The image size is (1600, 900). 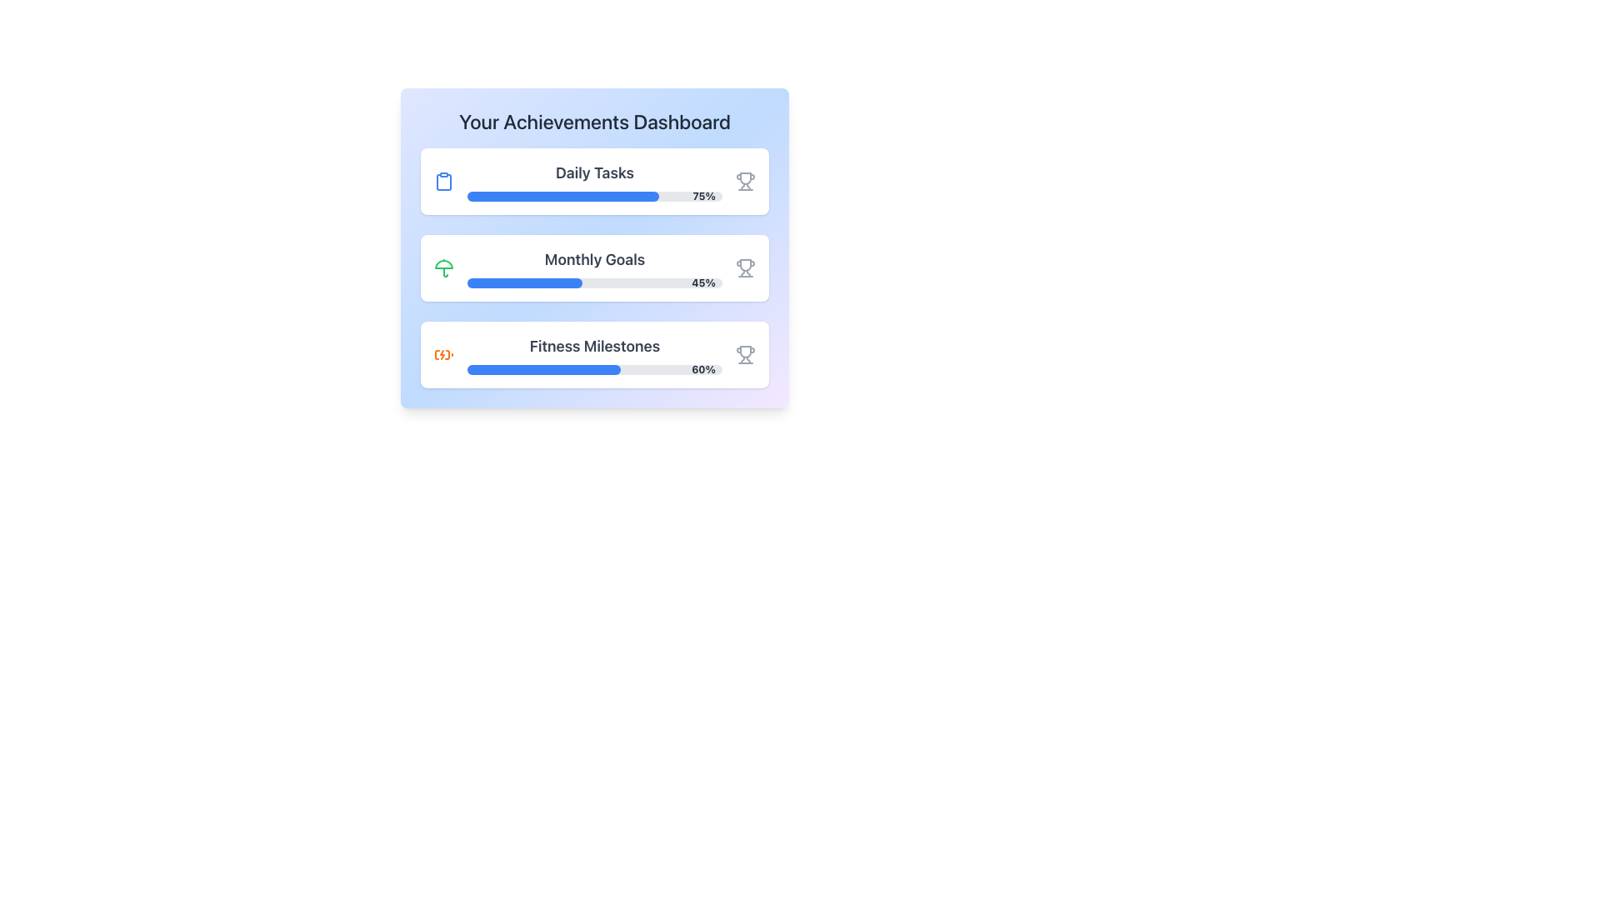 What do you see at coordinates (443, 182) in the screenshot?
I see `the Decorative graphic icon representing a clipboard, which is located in the upper-left corner of the 'Daily Tasks' section, next to the section title text` at bounding box center [443, 182].